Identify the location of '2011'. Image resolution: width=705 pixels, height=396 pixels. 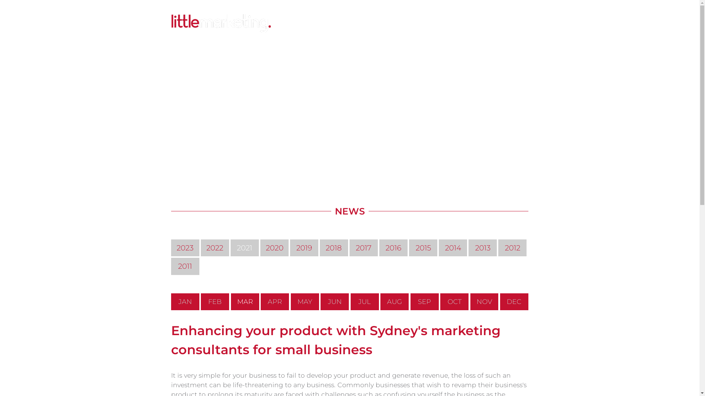
(185, 266).